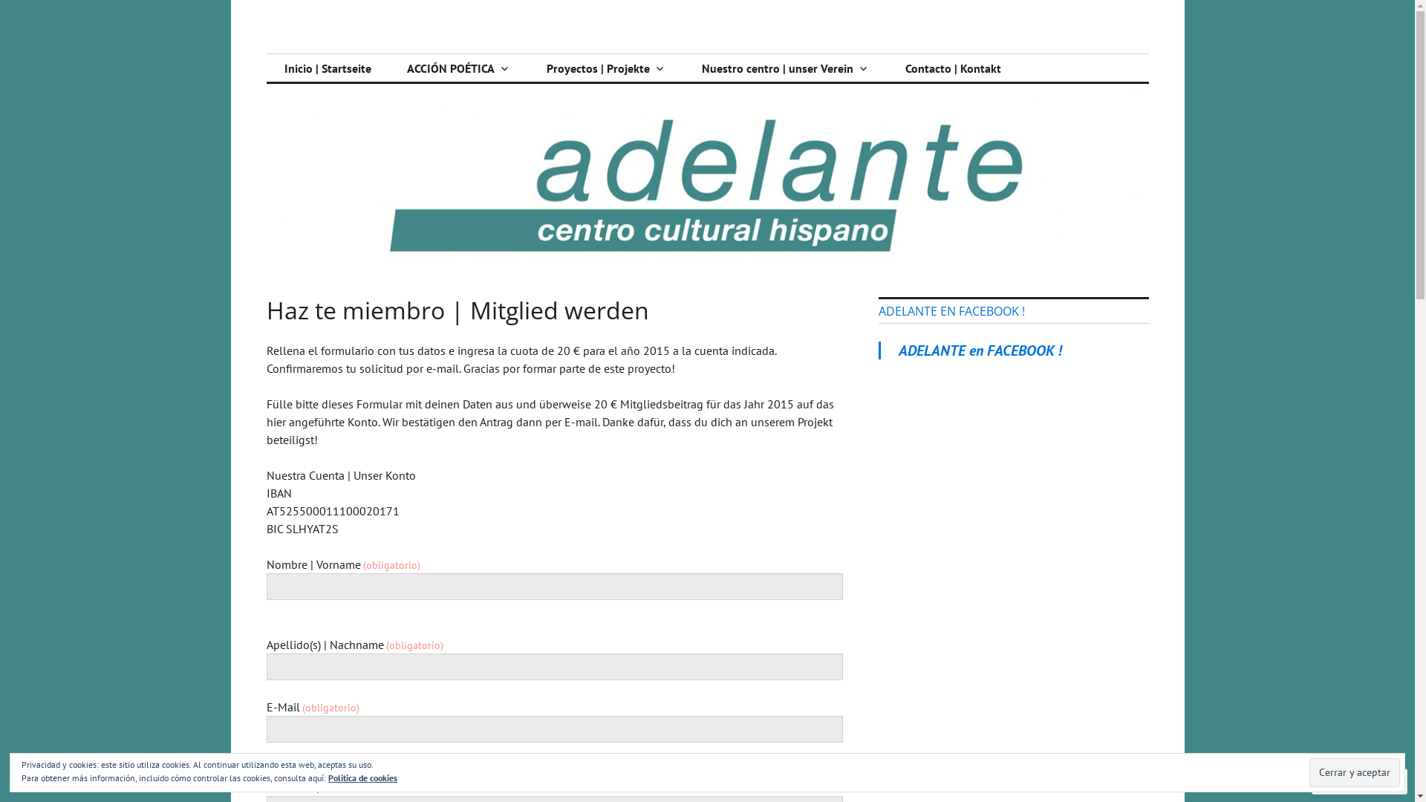 This screenshot has height=802, width=1426. Describe the element at coordinates (606, 68) in the screenshot. I see `'Proyectos | Projekte'` at that location.